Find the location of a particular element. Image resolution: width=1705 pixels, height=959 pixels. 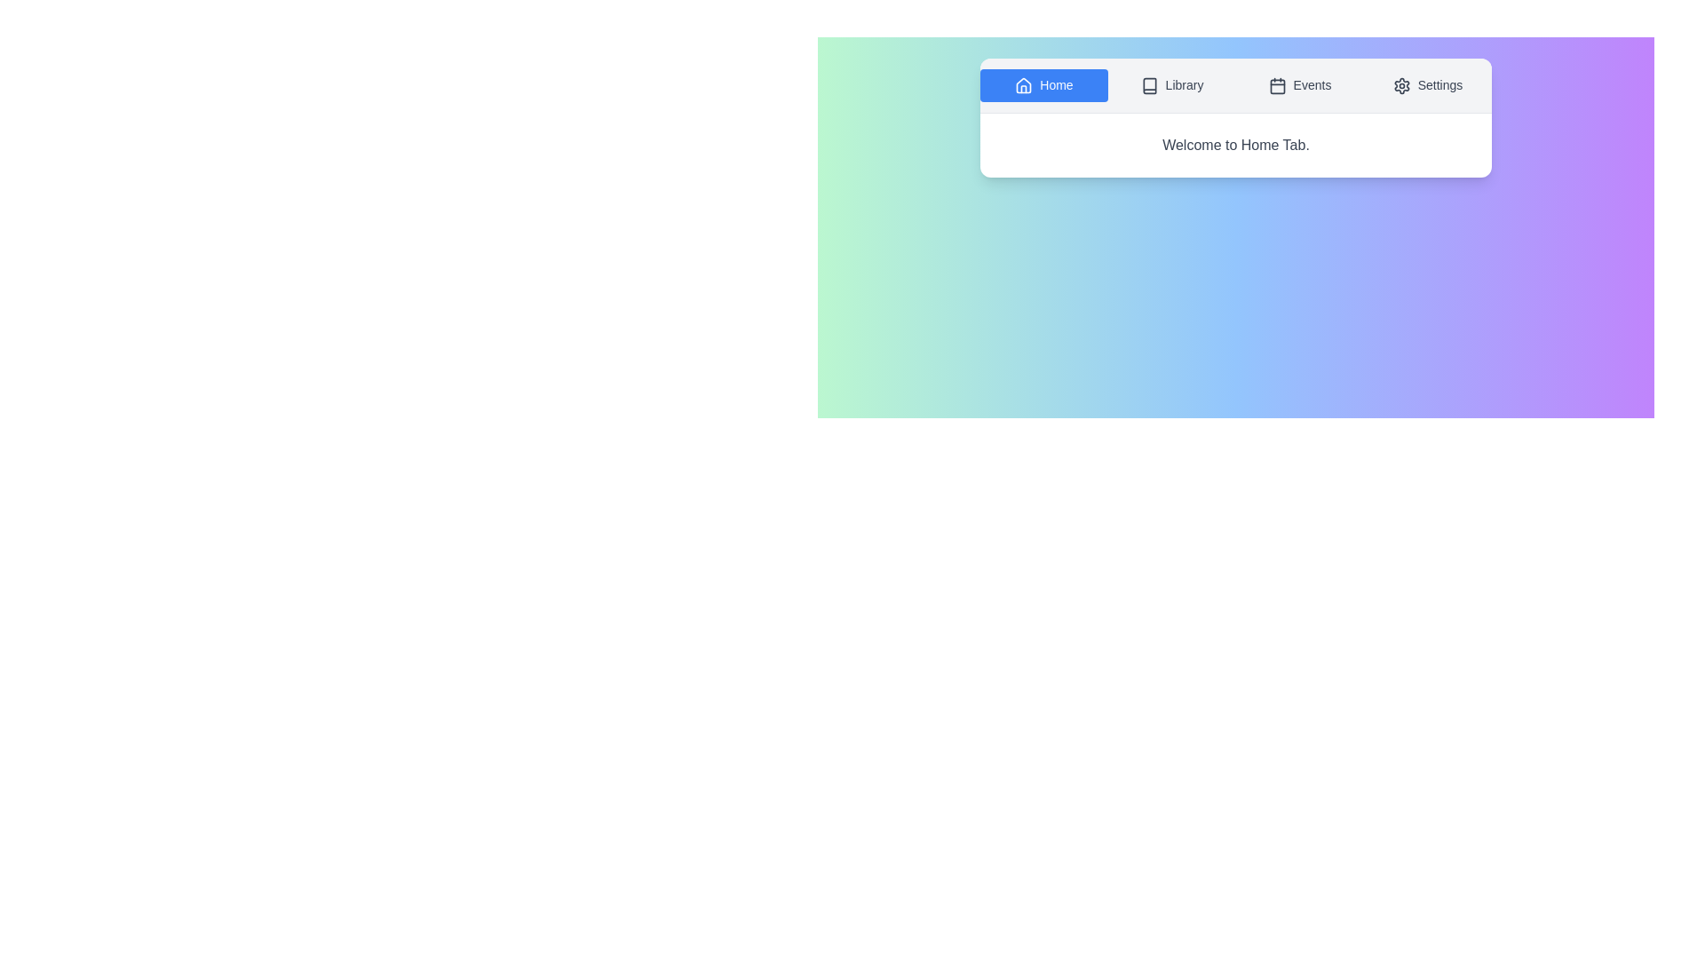

the 'Library' icon in the navigation bar is located at coordinates (1149, 85).